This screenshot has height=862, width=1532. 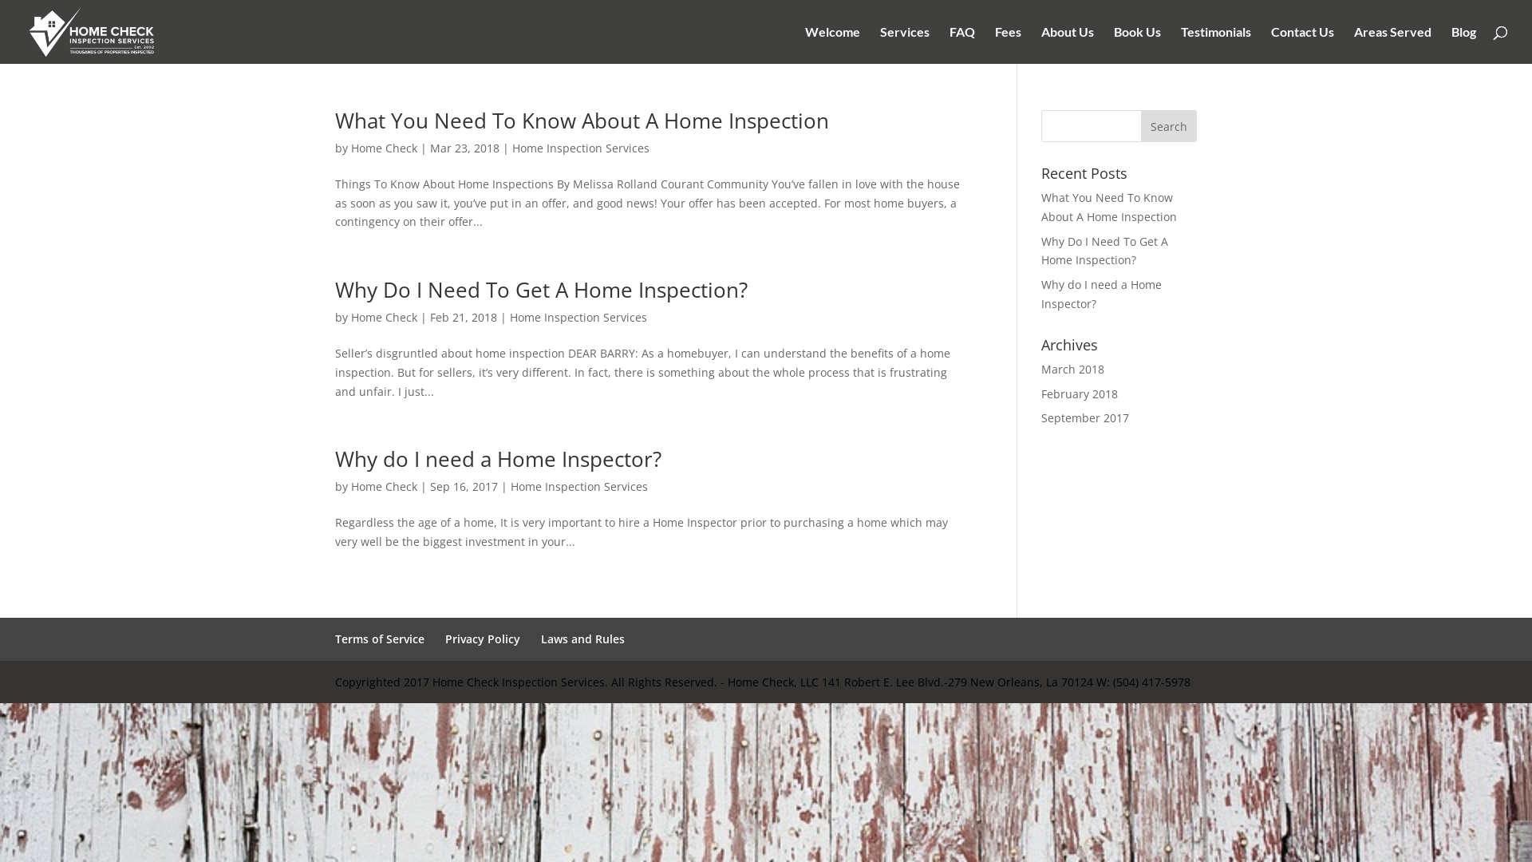 I want to click on 'Book Us', so click(x=1136, y=44).